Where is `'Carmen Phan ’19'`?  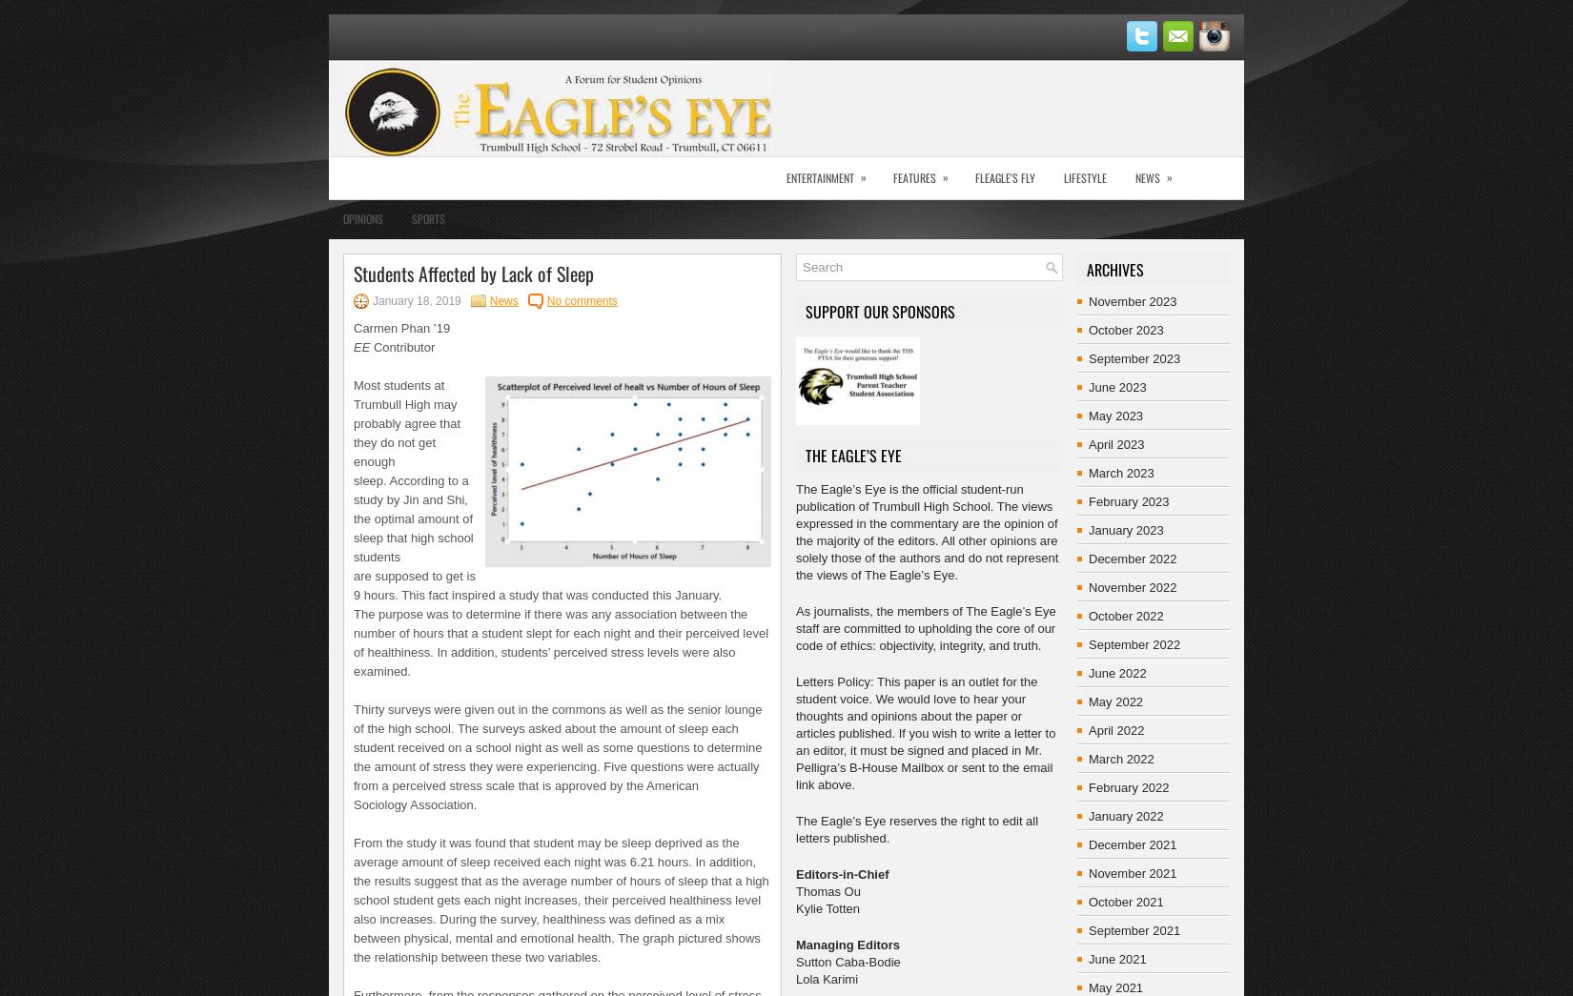 'Carmen Phan ’19' is located at coordinates (400, 328).